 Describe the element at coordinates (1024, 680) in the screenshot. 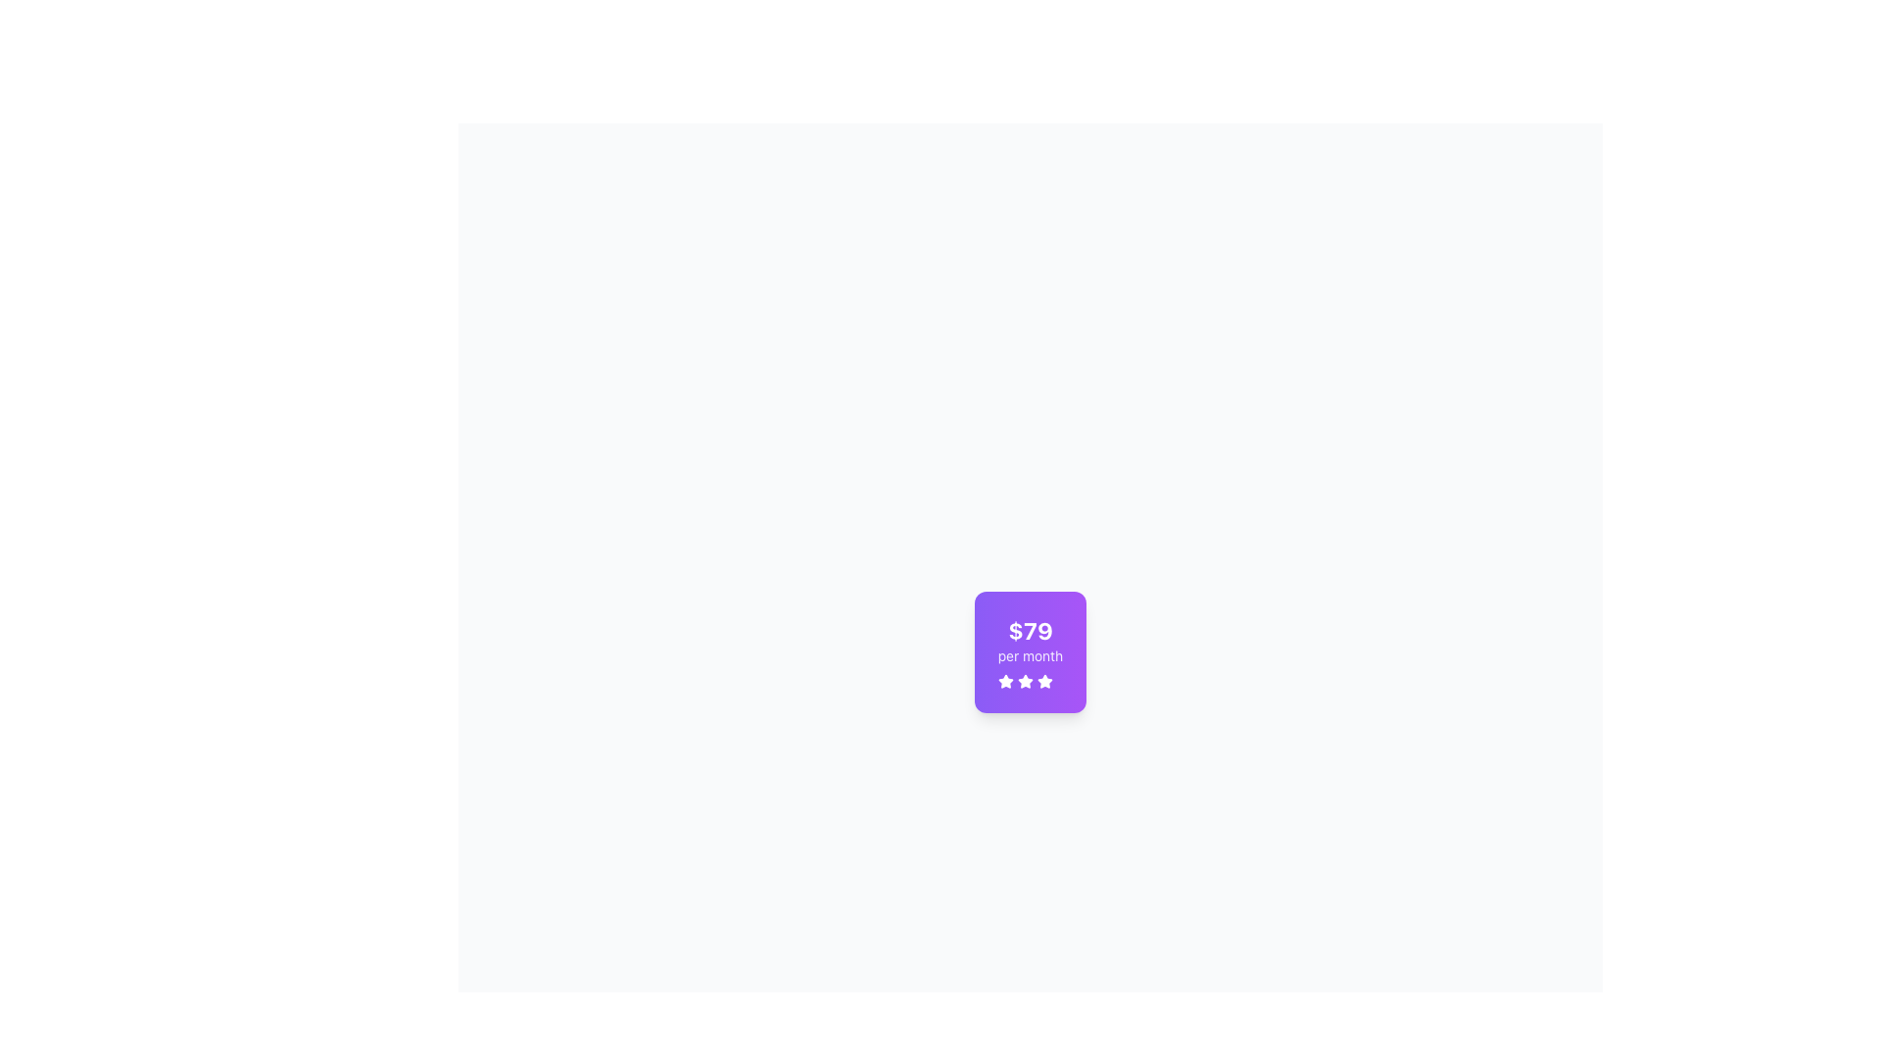

I see `the third rating star icon using keyboard navigation` at that location.